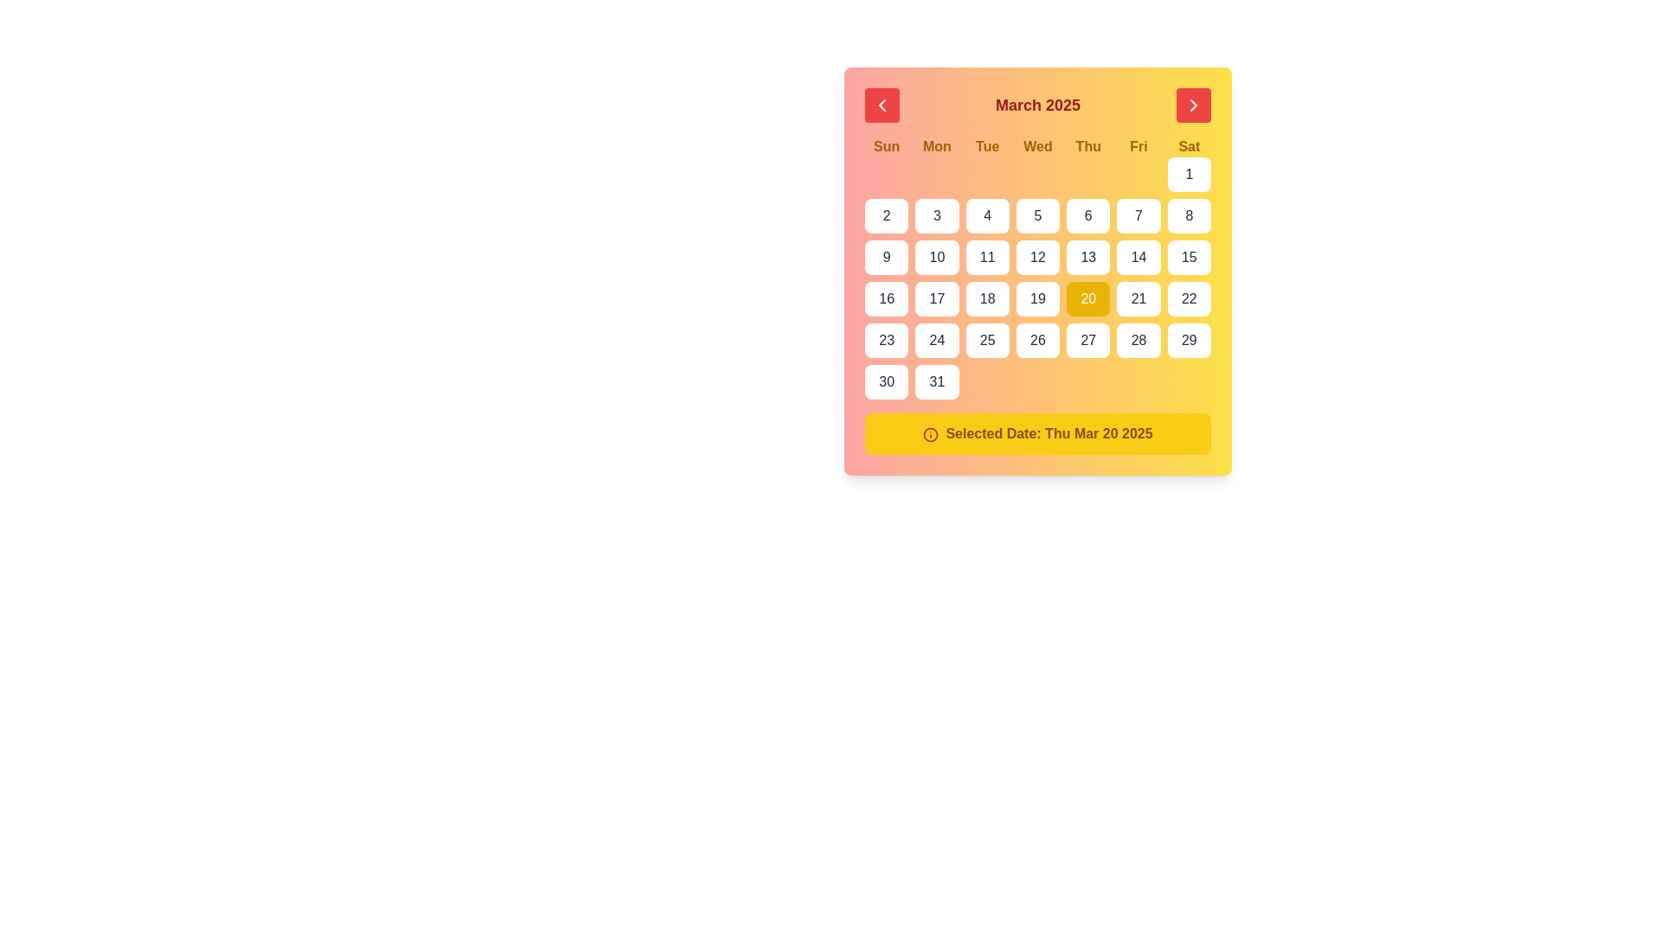 The image size is (1661, 934). What do you see at coordinates (987, 340) in the screenshot?
I see `from the button representing the date '25' in the March 2025 calendar` at bounding box center [987, 340].